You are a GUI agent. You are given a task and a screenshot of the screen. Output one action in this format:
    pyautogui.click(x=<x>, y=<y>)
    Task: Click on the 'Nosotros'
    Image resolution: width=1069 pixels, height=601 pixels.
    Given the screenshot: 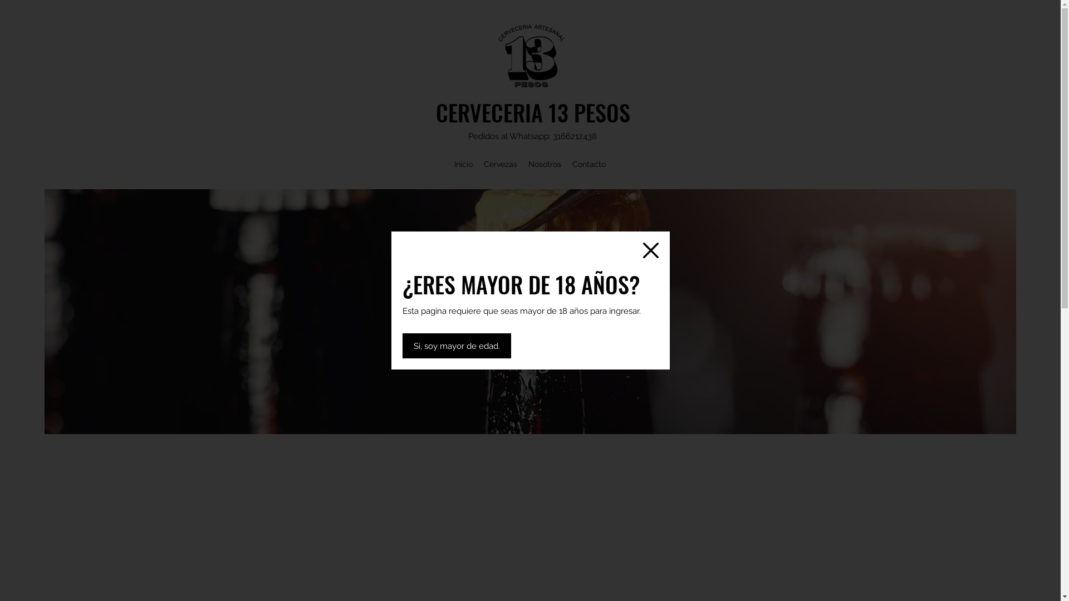 What is the action you would take?
    pyautogui.click(x=545, y=164)
    